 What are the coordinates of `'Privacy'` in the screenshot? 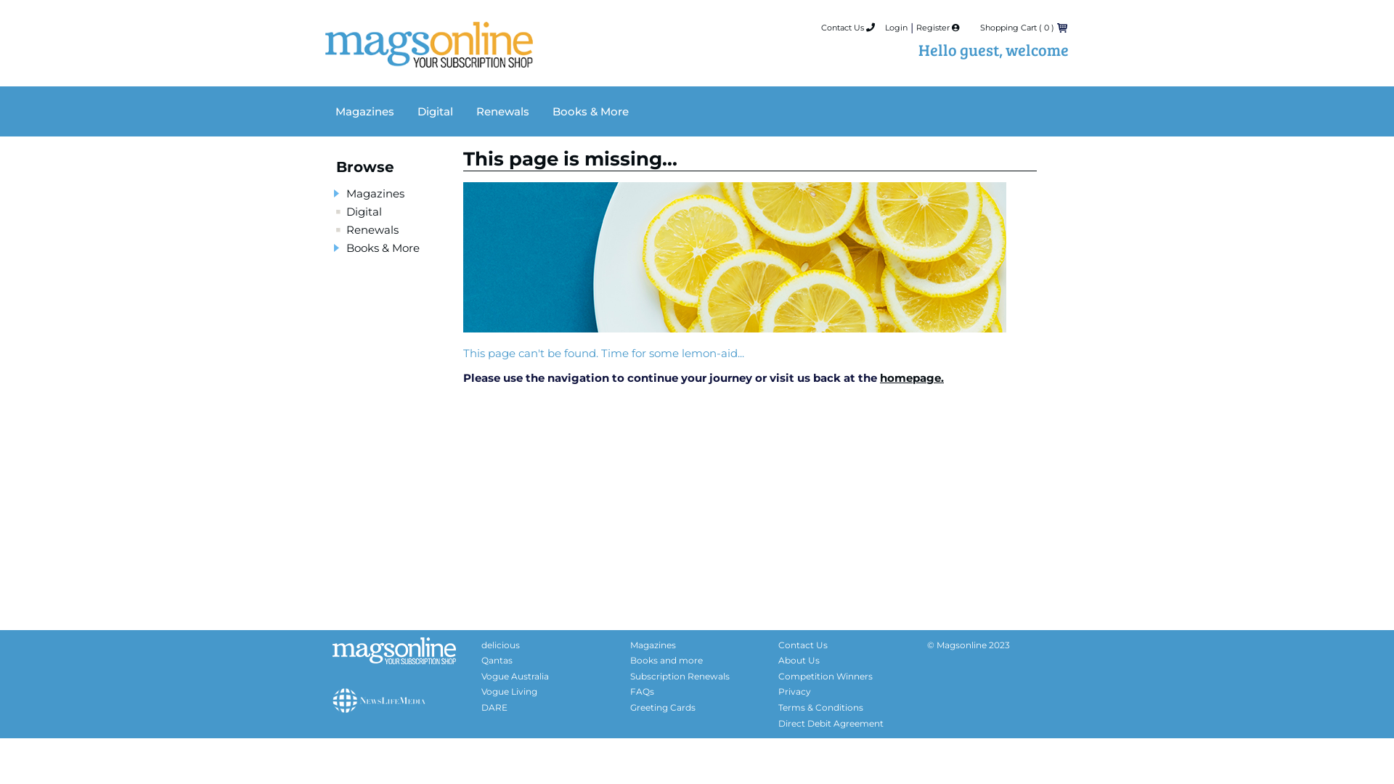 It's located at (794, 690).